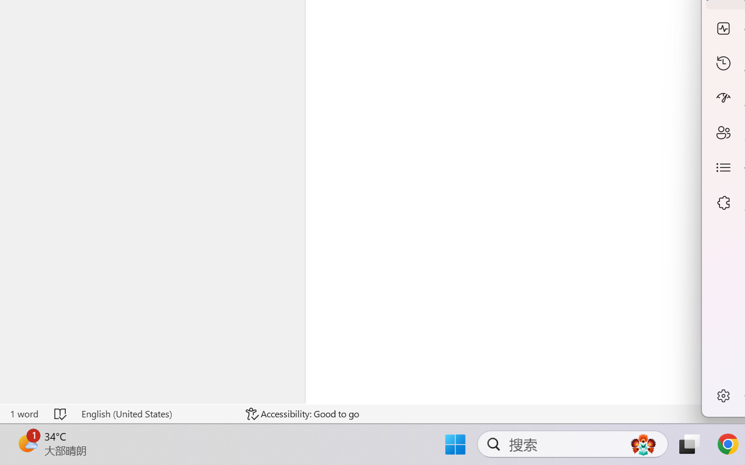 The image size is (745, 465). Describe the element at coordinates (302, 413) in the screenshot. I see `'Accessibility Checker Accessibility: Good to go'` at that location.